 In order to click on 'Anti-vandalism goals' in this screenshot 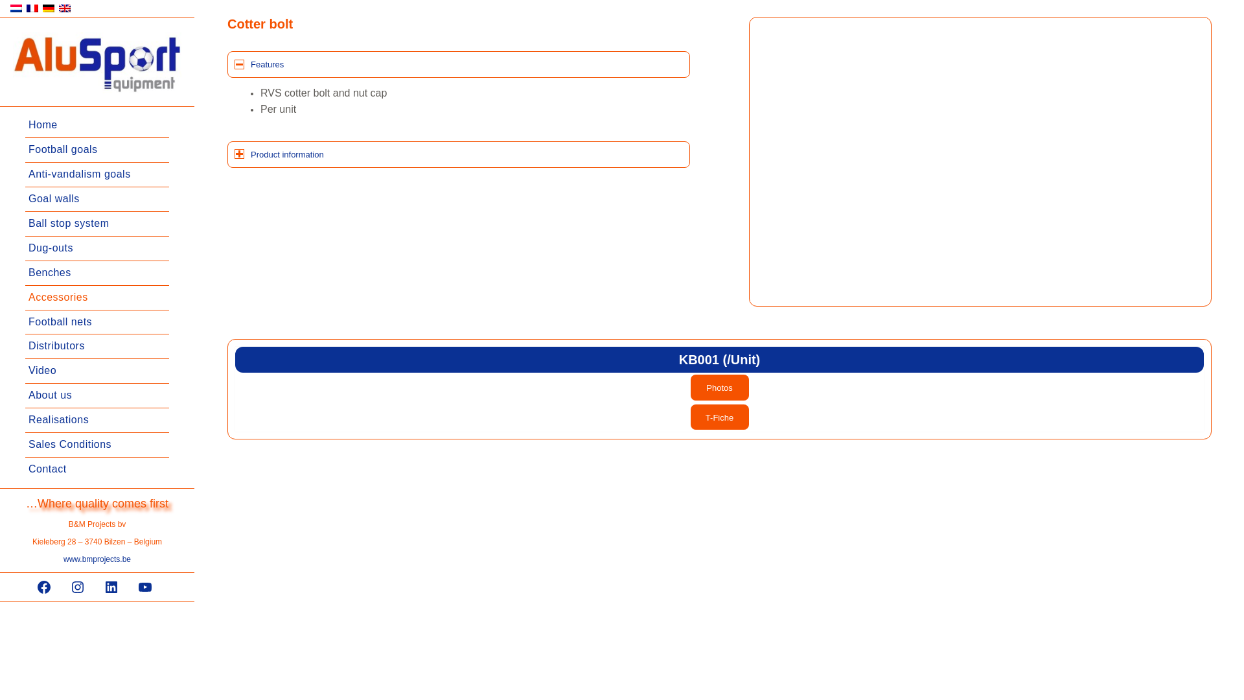, I will do `click(96, 175)`.